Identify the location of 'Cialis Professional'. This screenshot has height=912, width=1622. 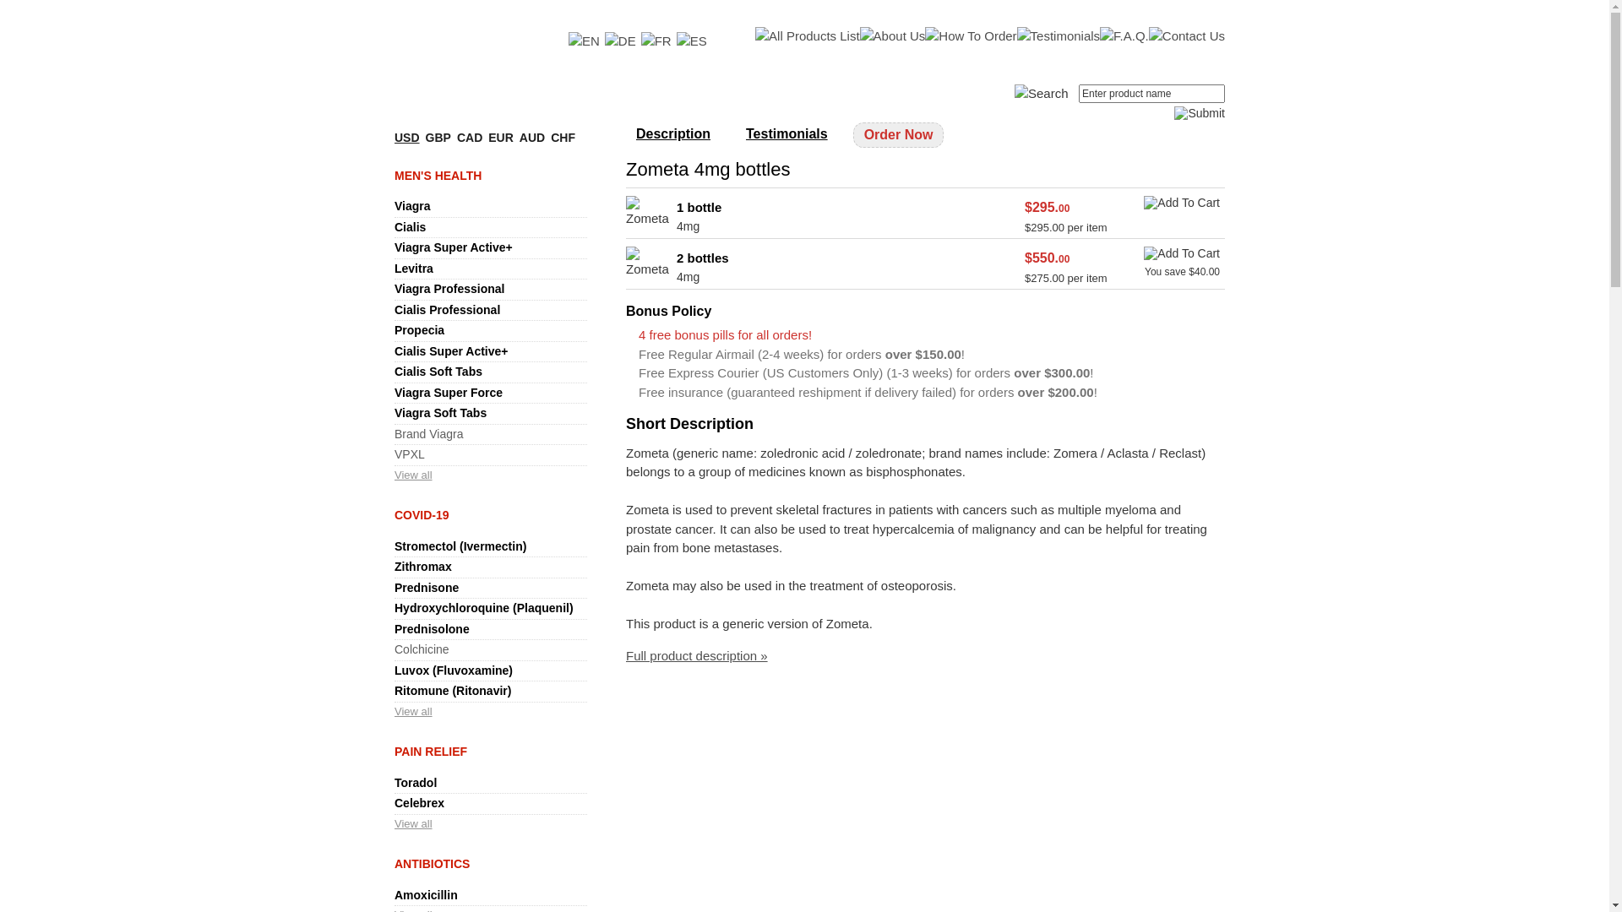
(447, 309).